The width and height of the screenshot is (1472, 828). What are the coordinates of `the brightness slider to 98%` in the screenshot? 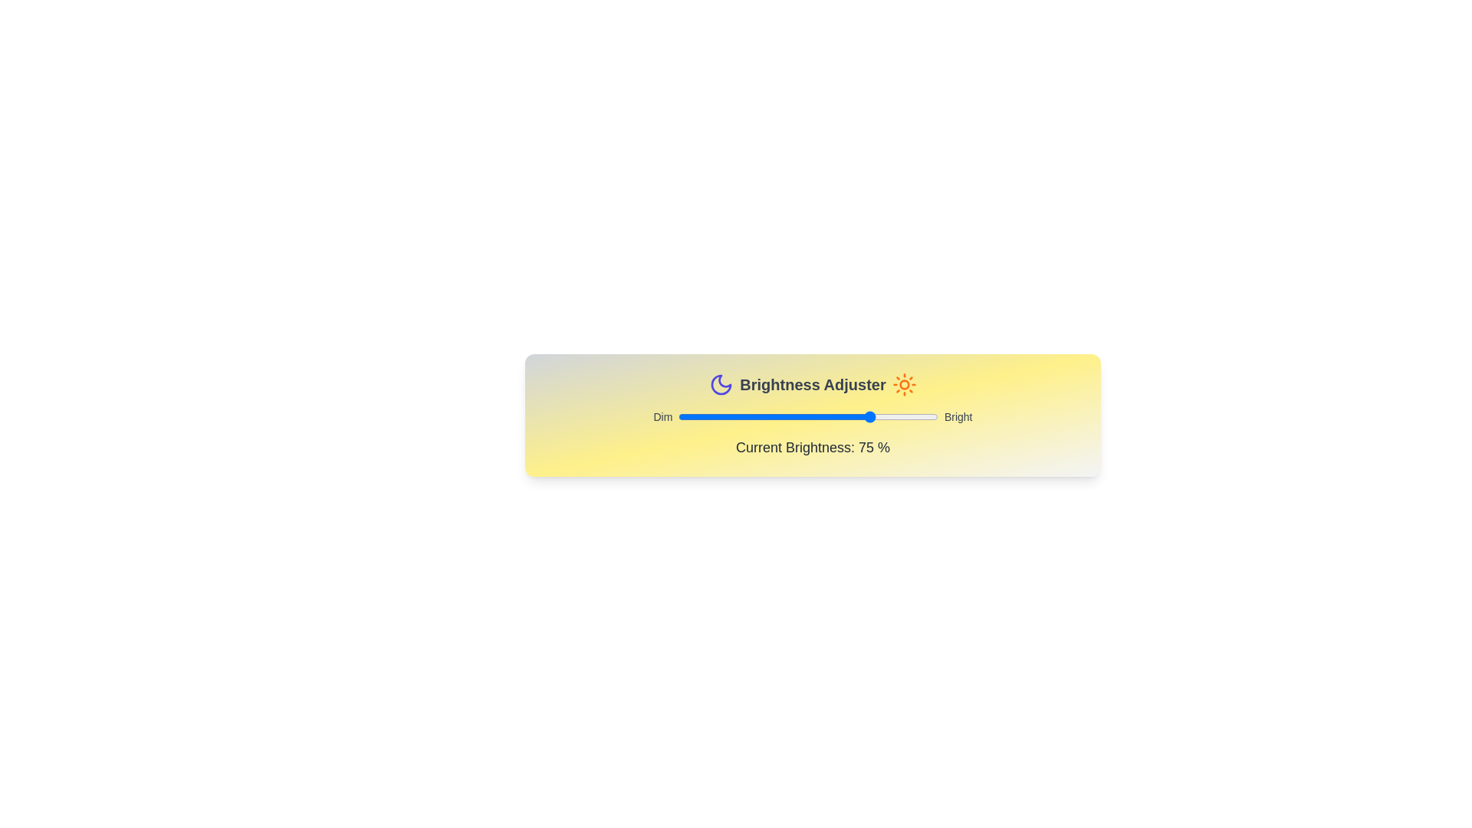 It's located at (932, 416).